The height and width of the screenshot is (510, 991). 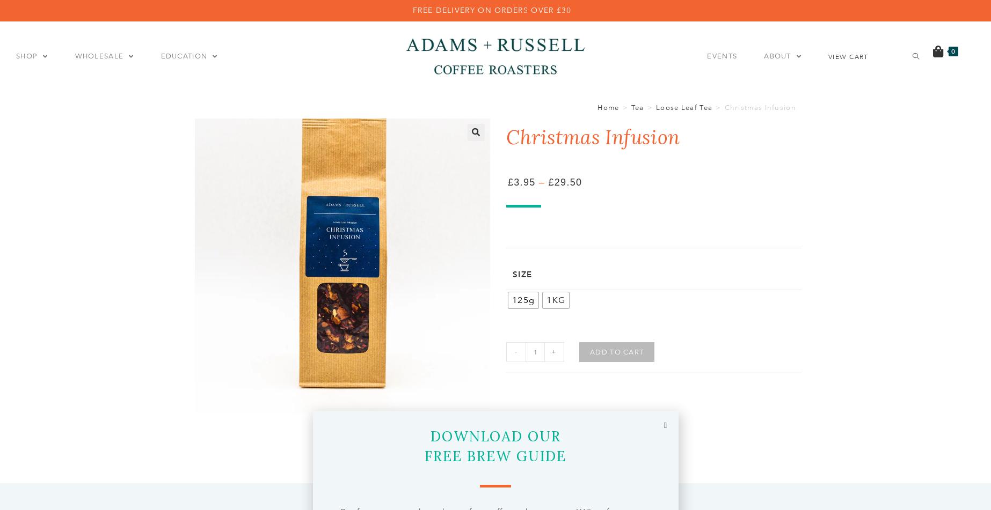 What do you see at coordinates (424, 107) in the screenshot?
I see `'Barista Supplies'` at bounding box center [424, 107].